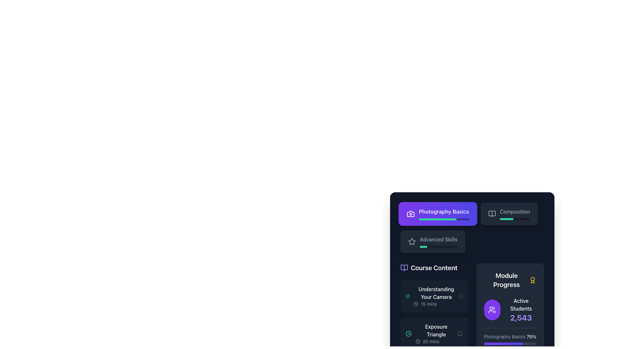 The height and width of the screenshot is (349, 620). What do you see at coordinates (443, 211) in the screenshot?
I see `the text label displaying 'Photography Basics', which is styled in bright white color on a purple background and is located at the top of a rectangular box within a vertical column of elements` at bounding box center [443, 211].